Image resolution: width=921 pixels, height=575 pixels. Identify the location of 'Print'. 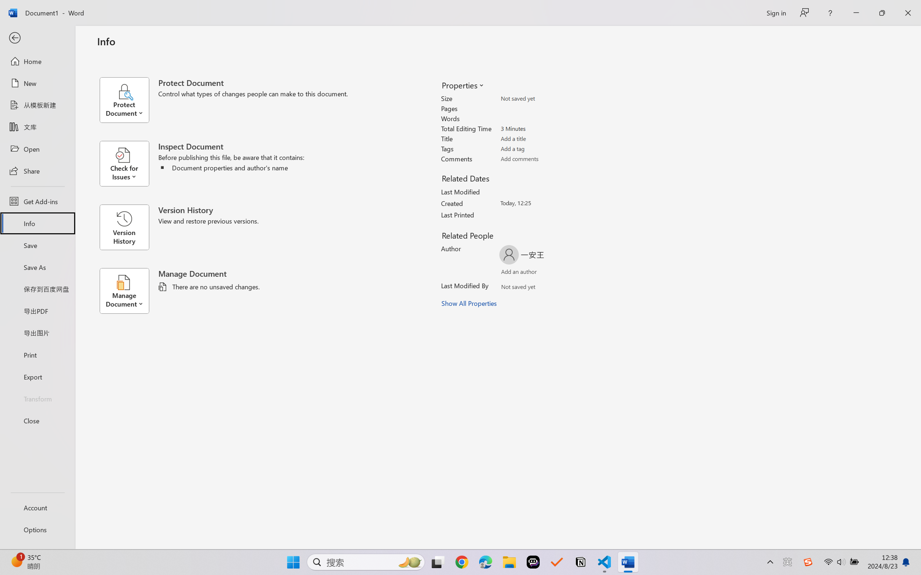
(37, 355).